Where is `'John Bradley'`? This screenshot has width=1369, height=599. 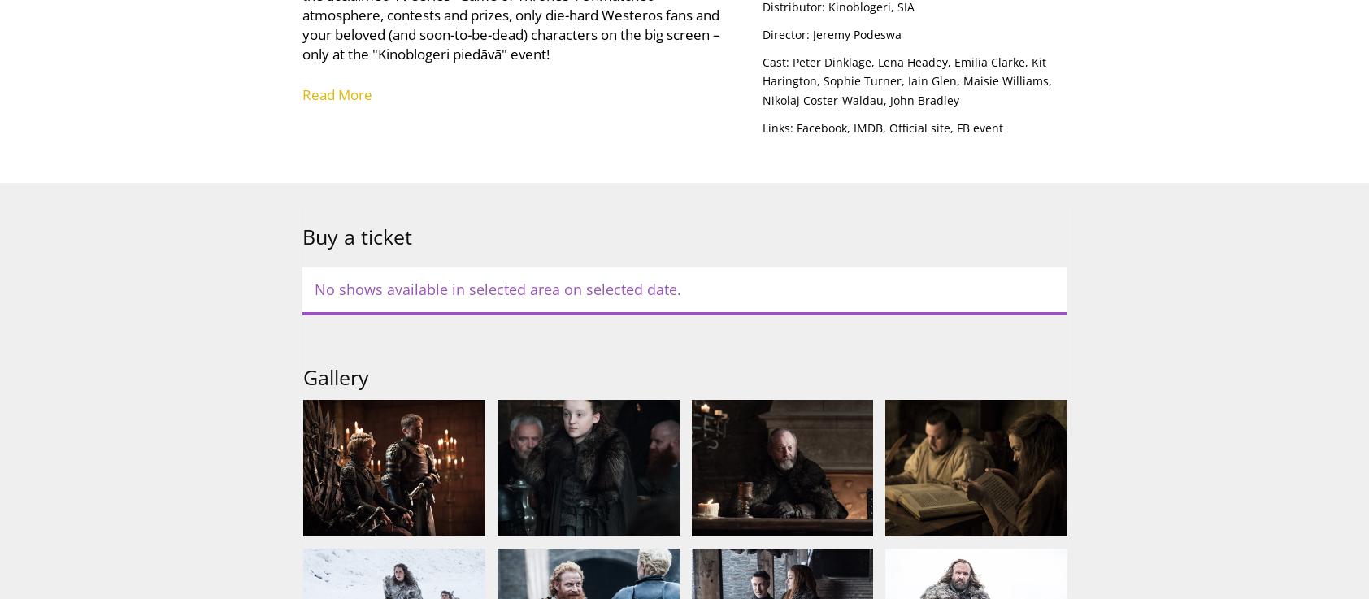
'John Bradley' is located at coordinates (889, 99).